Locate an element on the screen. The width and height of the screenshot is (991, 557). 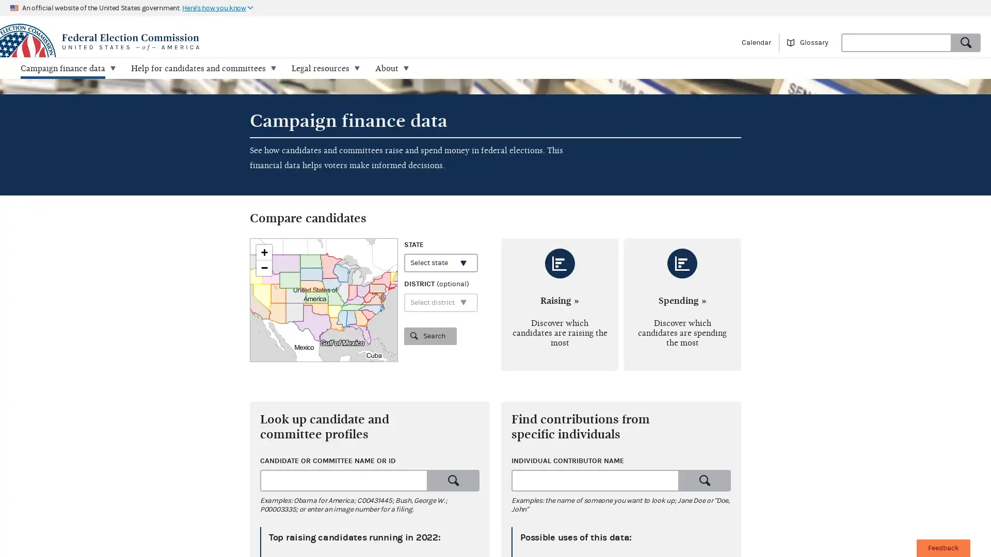
Search is located at coordinates (704, 481).